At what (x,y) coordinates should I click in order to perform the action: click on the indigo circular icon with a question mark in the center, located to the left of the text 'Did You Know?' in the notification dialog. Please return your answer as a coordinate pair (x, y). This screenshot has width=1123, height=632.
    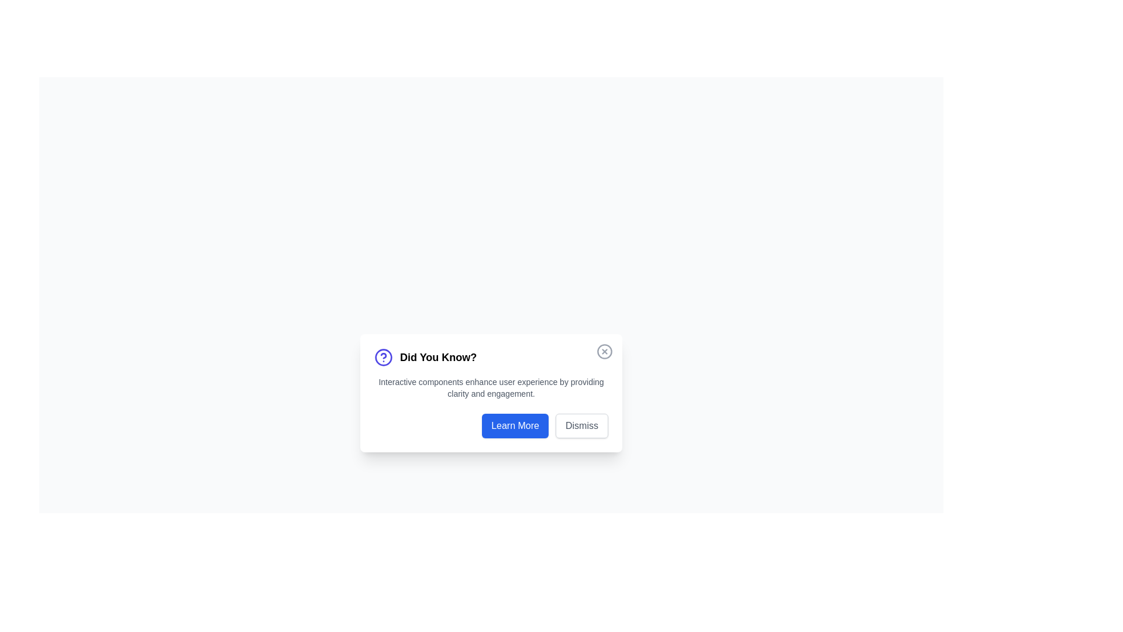
    Looking at the image, I should click on (384, 356).